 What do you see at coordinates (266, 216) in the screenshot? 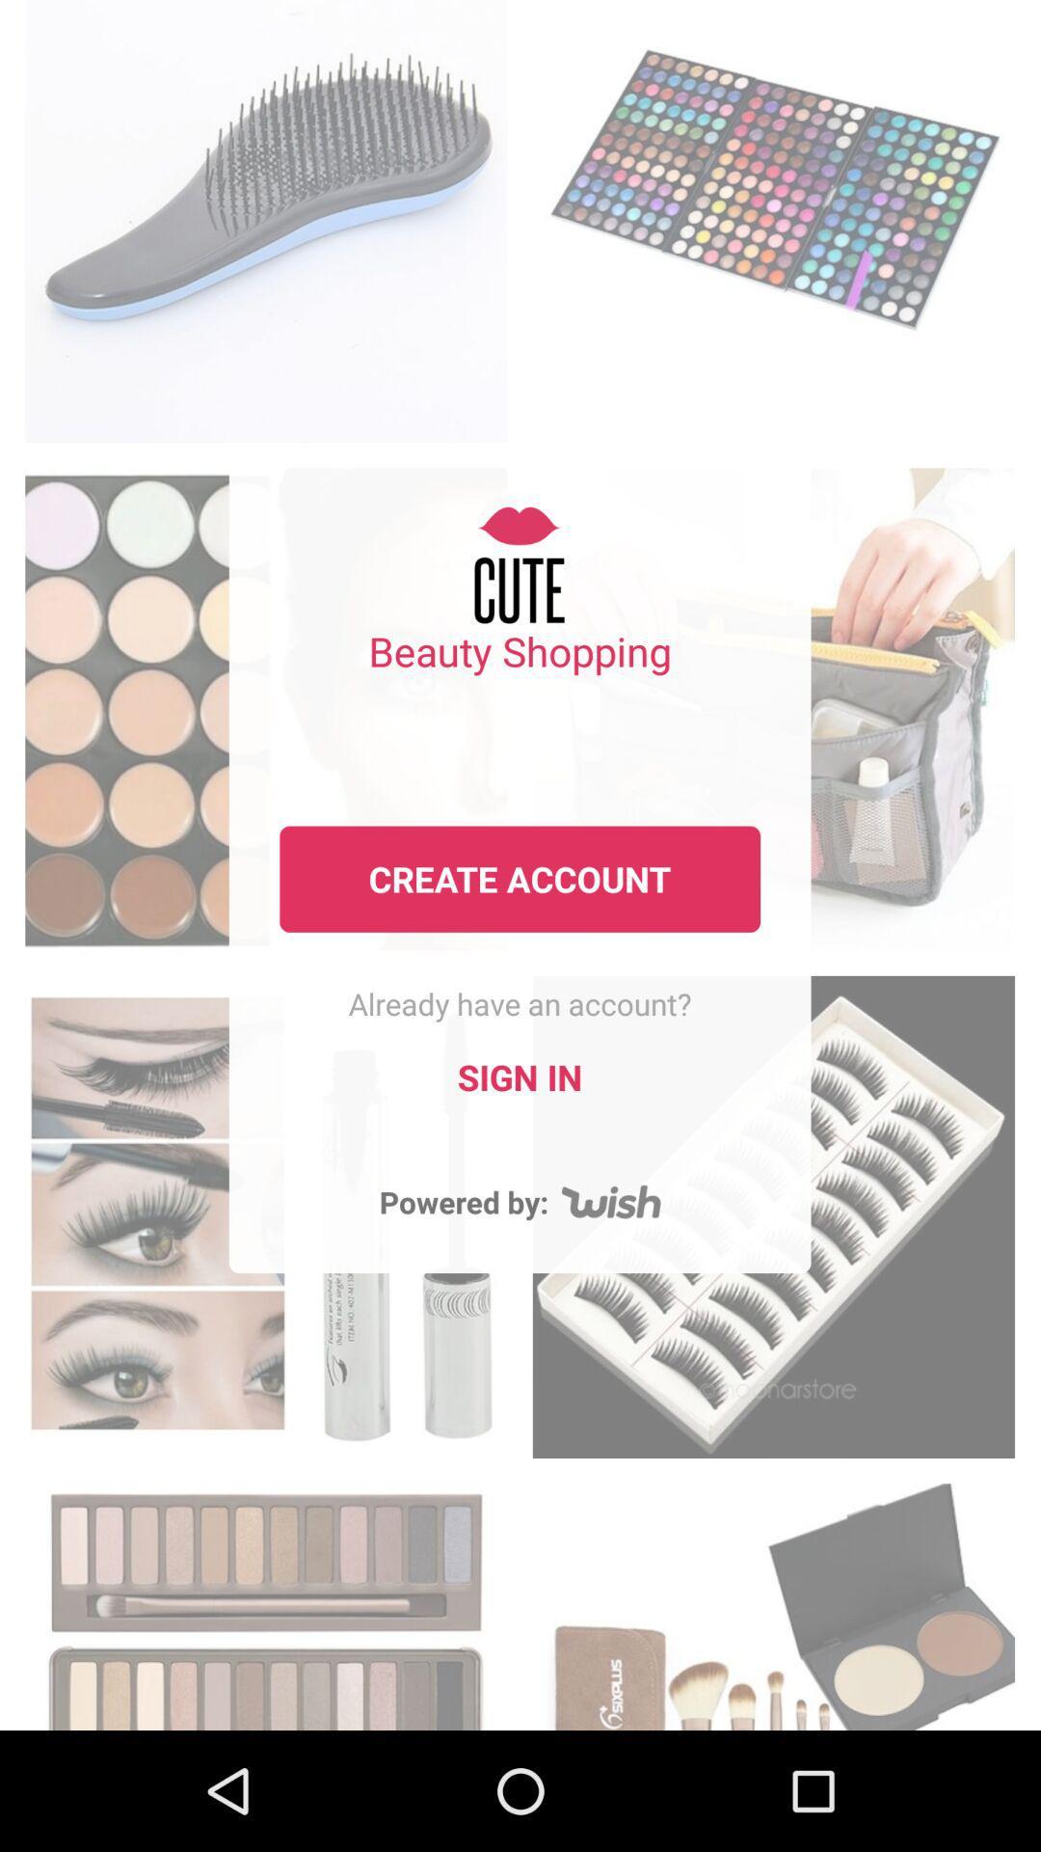
I see `product box option` at bounding box center [266, 216].